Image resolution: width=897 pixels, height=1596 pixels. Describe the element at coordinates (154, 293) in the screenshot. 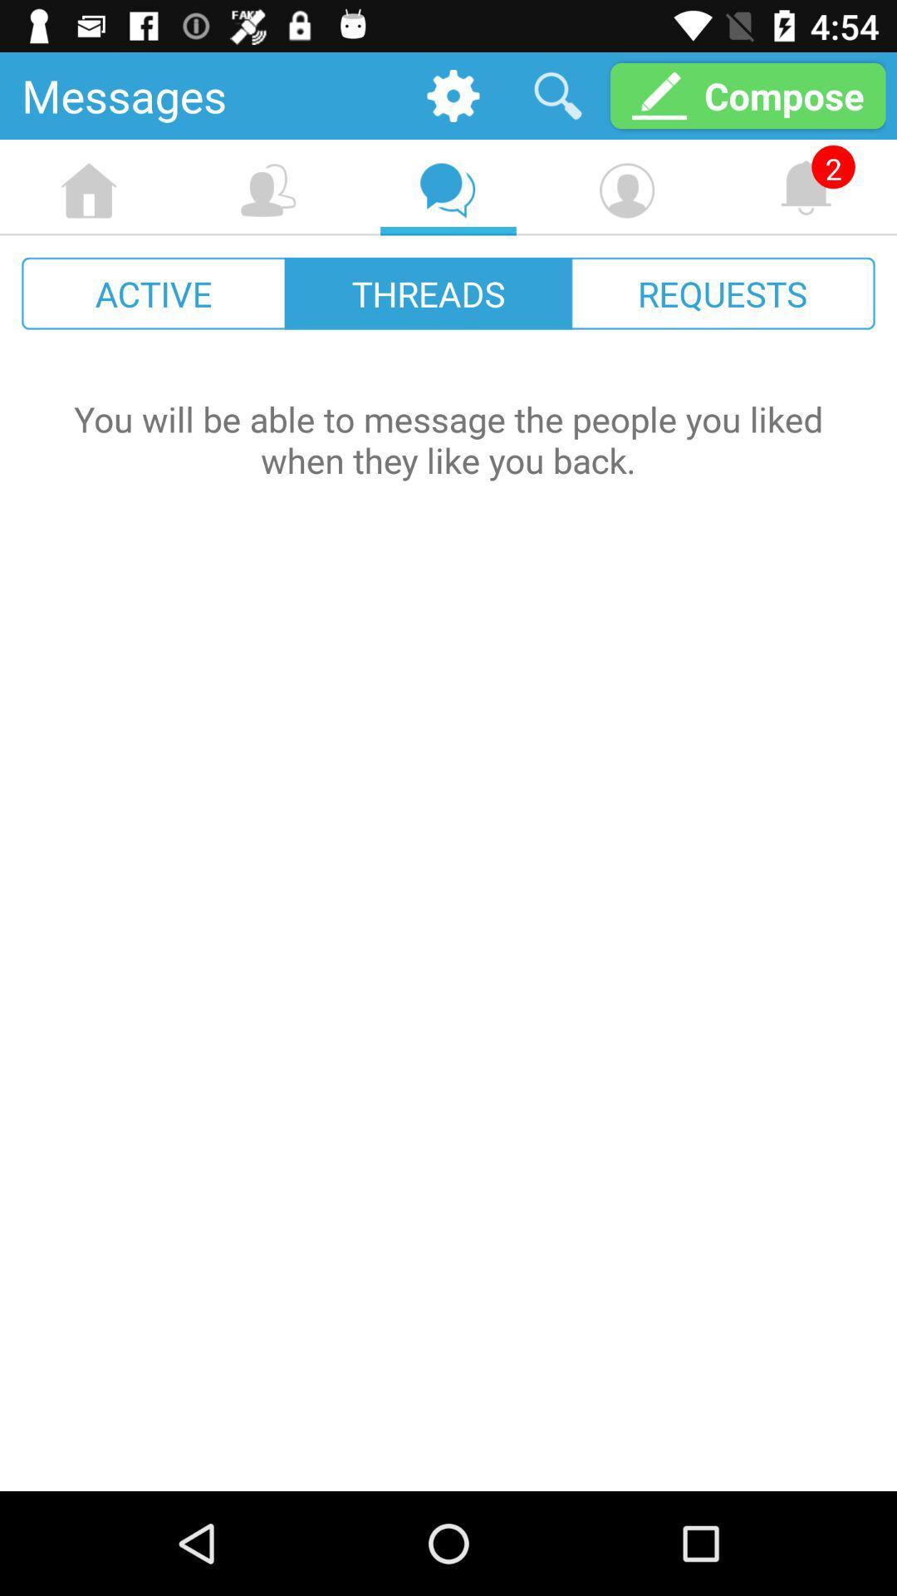

I see `active` at that location.